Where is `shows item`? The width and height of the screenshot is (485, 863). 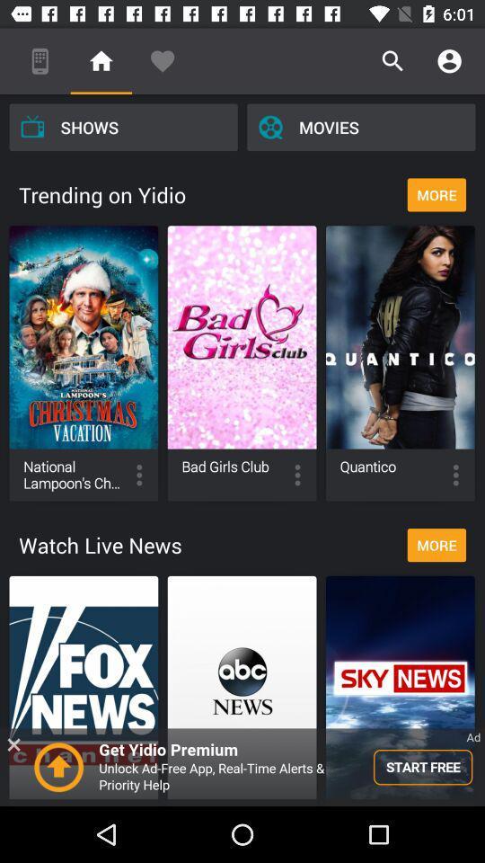 shows item is located at coordinates (122, 126).